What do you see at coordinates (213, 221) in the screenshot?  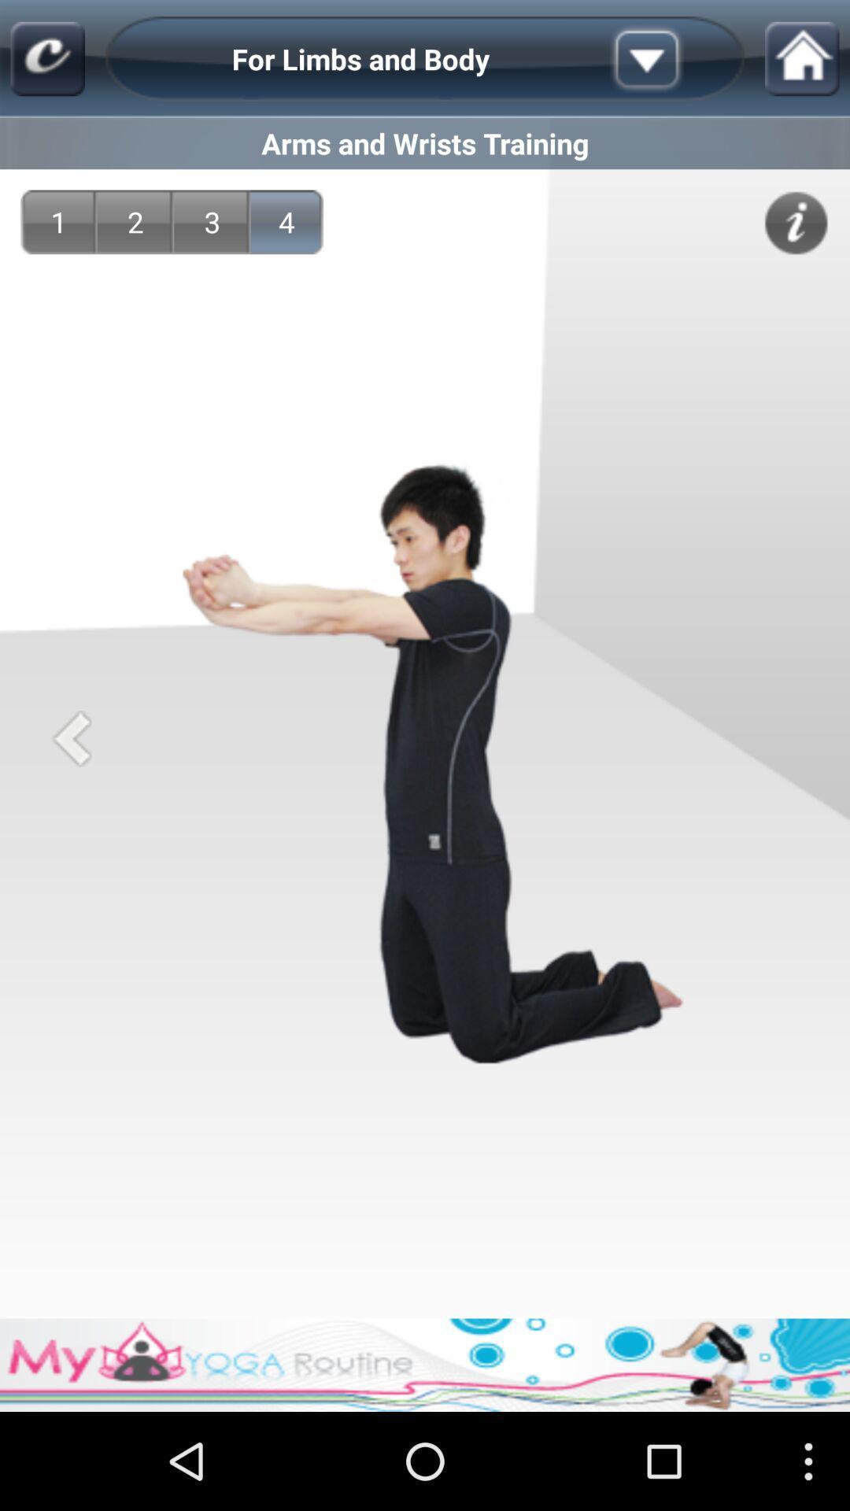 I see `app to the left of the 4 icon` at bounding box center [213, 221].